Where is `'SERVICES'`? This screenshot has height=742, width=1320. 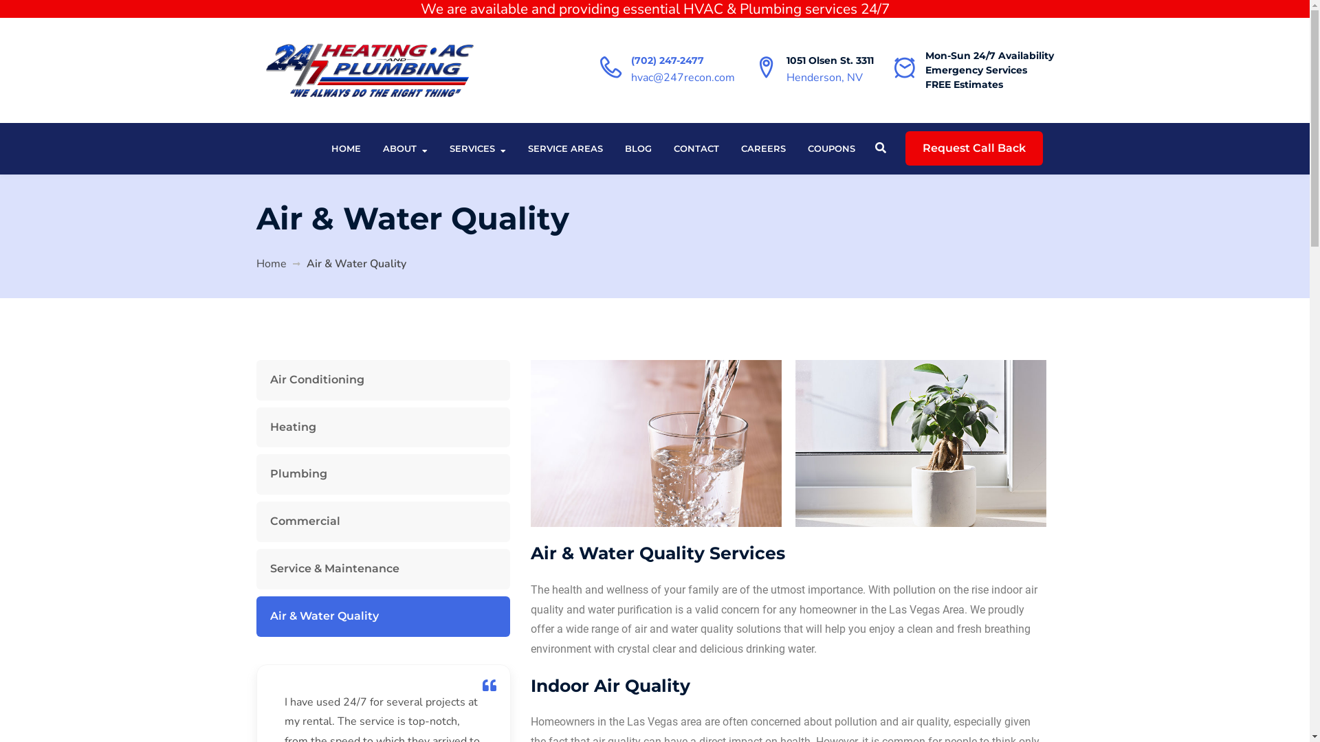
'SERVICES' is located at coordinates (449, 148).